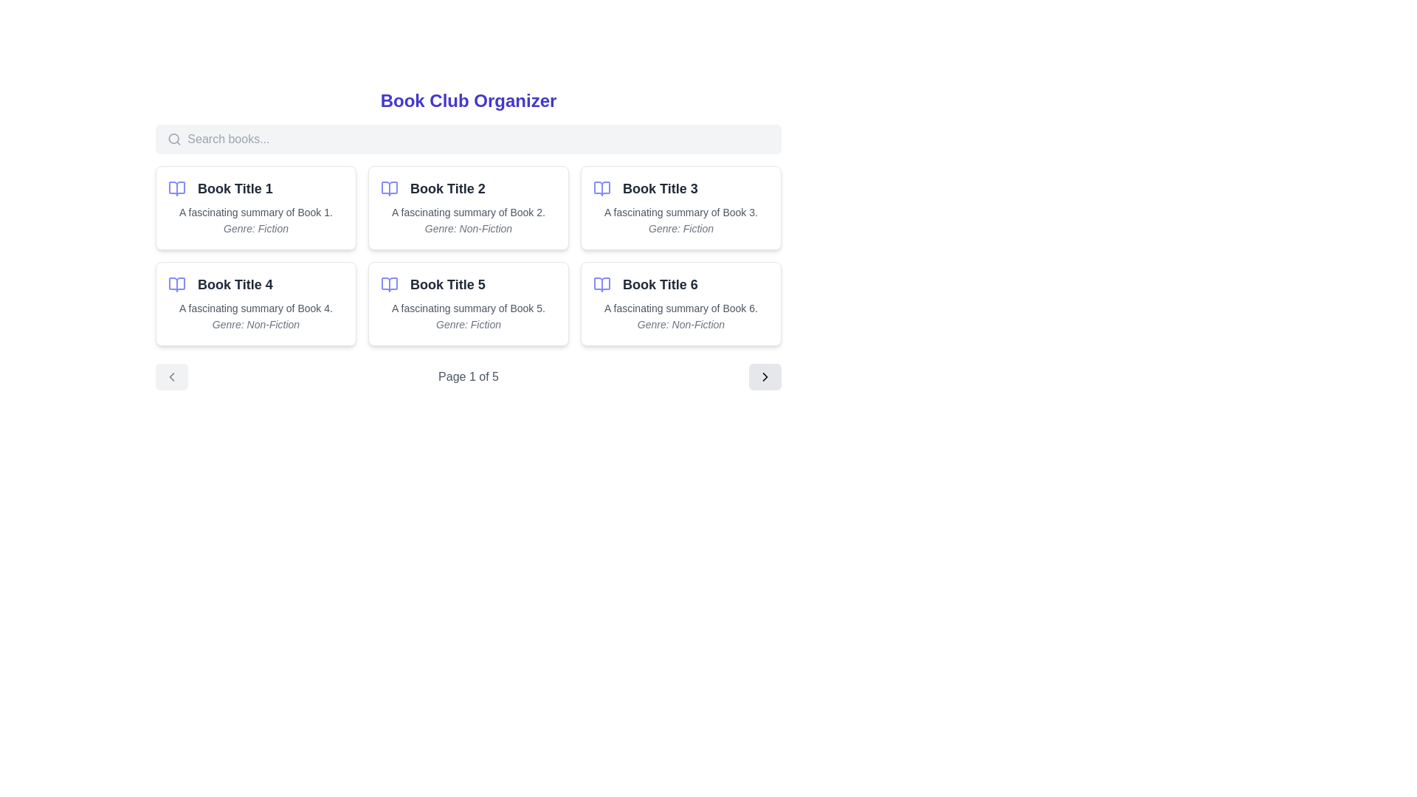  Describe the element at coordinates (255, 323) in the screenshot. I see `the text label displaying 'Genre: Non-Fiction' which is styled in a small italic font and positioned below the summary of 'Book Title 4'` at that location.